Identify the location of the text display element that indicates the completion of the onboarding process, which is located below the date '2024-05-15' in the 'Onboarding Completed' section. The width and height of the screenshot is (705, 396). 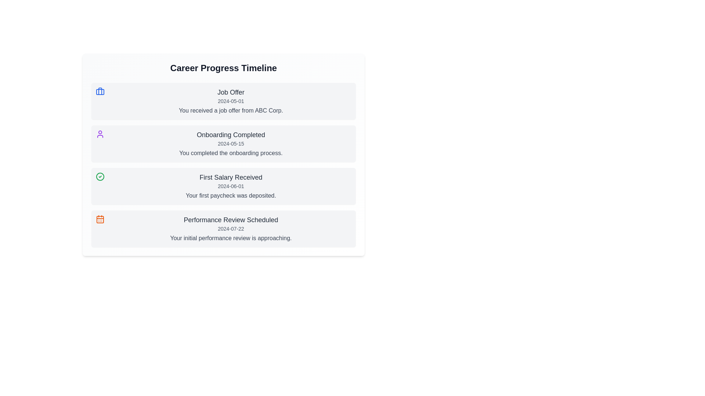
(230, 153).